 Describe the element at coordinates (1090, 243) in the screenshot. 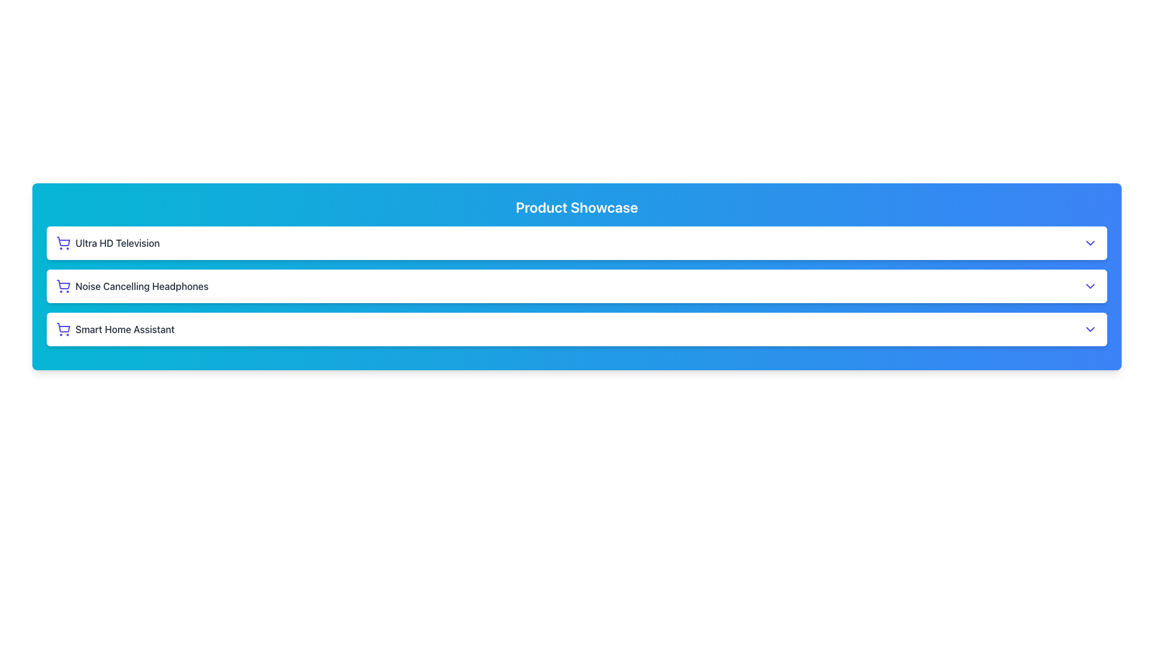

I see `the downward arrow icon` at that location.